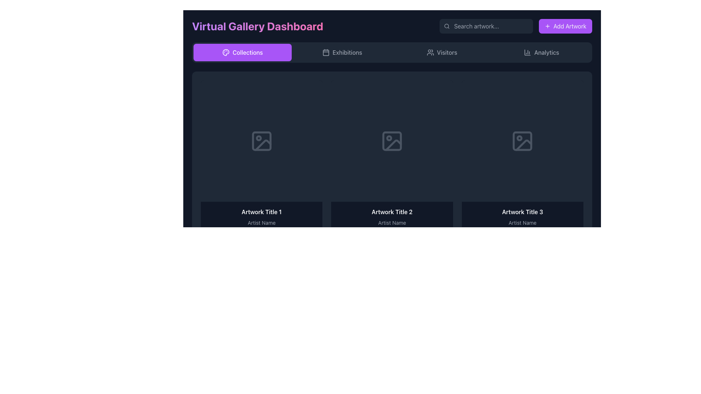  I want to click on the vibrant purple 'Add Artwork' button located at the top-right corner of the interface, so click(565, 26).